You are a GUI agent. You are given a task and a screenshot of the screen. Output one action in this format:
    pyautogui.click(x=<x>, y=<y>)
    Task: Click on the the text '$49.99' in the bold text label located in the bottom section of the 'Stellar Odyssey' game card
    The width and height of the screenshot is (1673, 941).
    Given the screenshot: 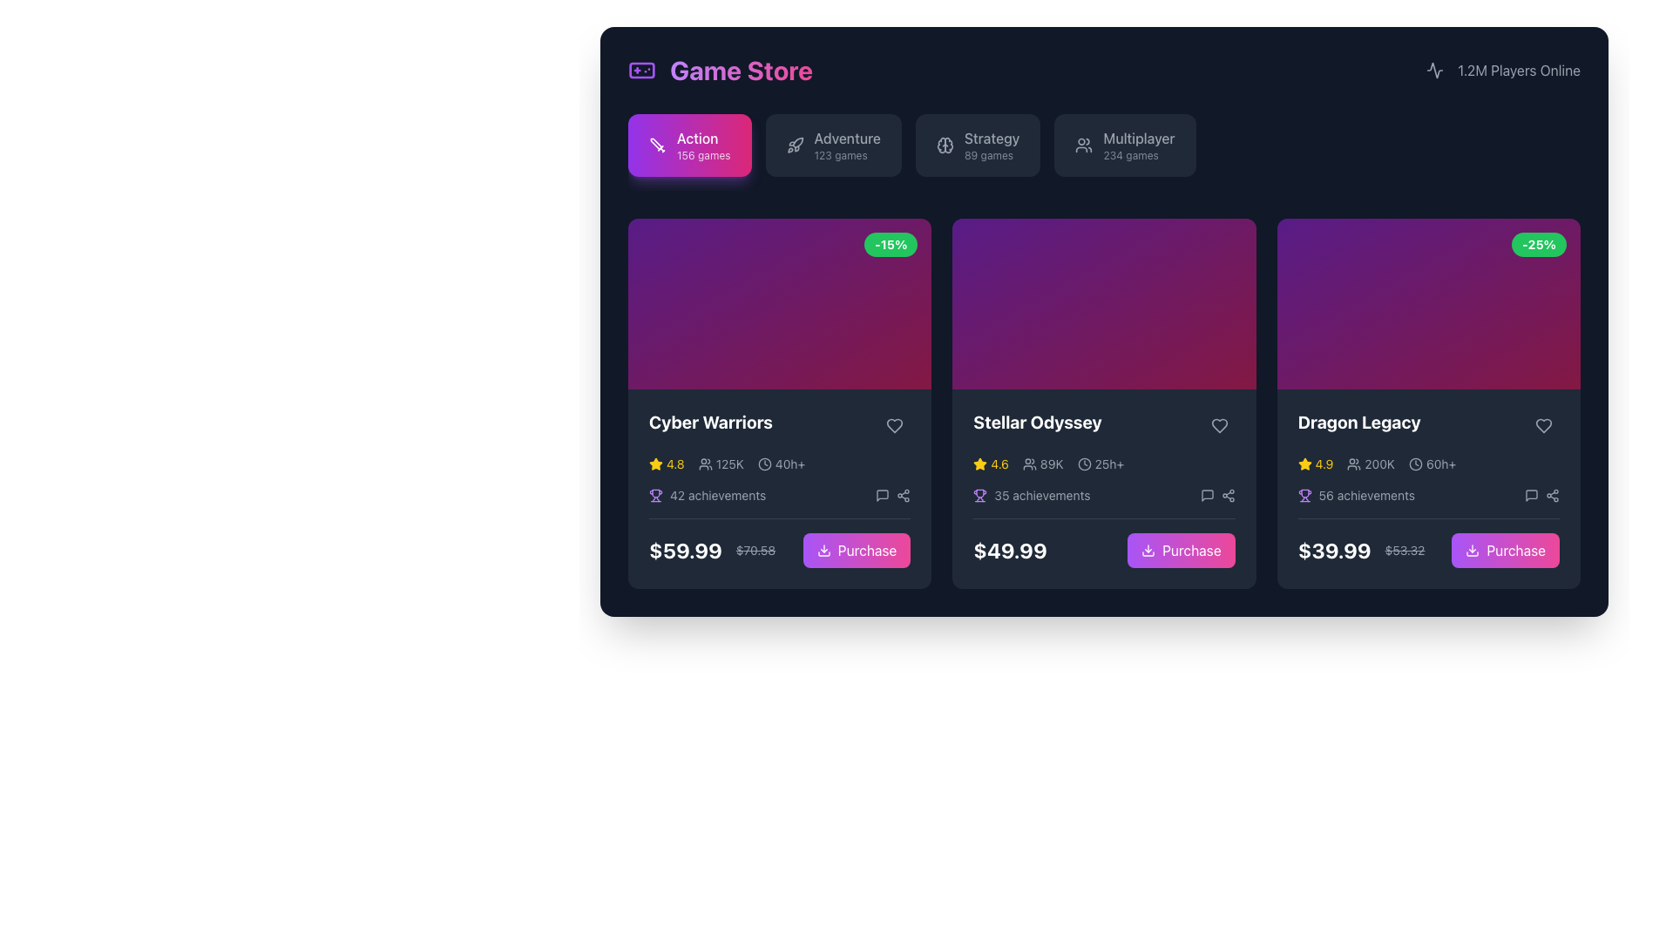 What is the action you would take?
    pyautogui.click(x=1010, y=550)
    